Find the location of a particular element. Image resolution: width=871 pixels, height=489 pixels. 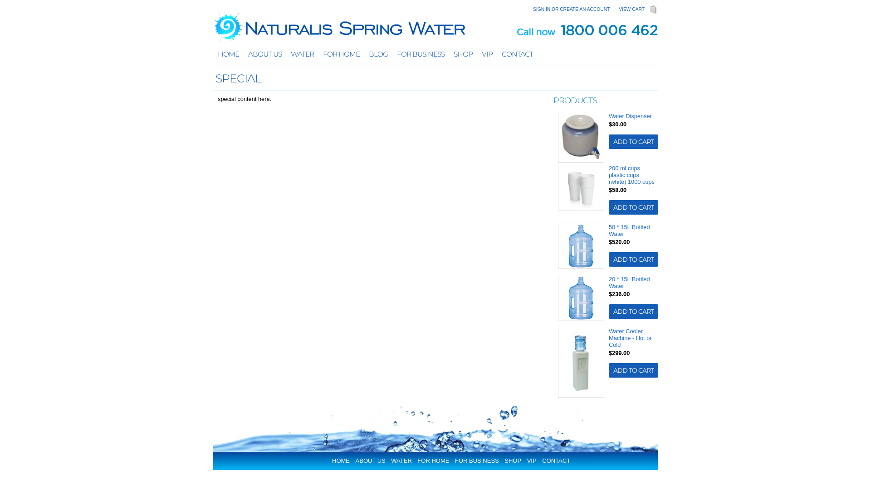

'HOME' is located at coordinates (331, 460).